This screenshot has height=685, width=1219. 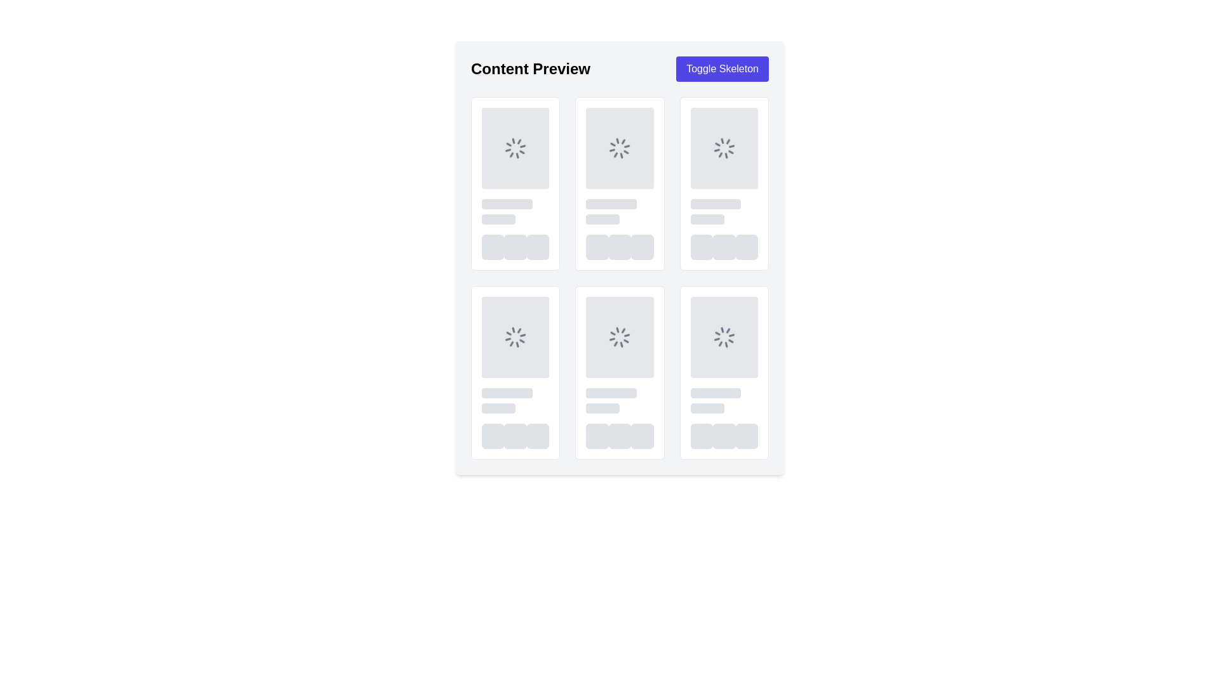 What do you see at coordinates (516, 247) in the screenshot?
I see `the loading placeholder component with a gray background and rounded corners, which is the second element in a horizontal sequence of three identical components` at bounding box center [516, 247].